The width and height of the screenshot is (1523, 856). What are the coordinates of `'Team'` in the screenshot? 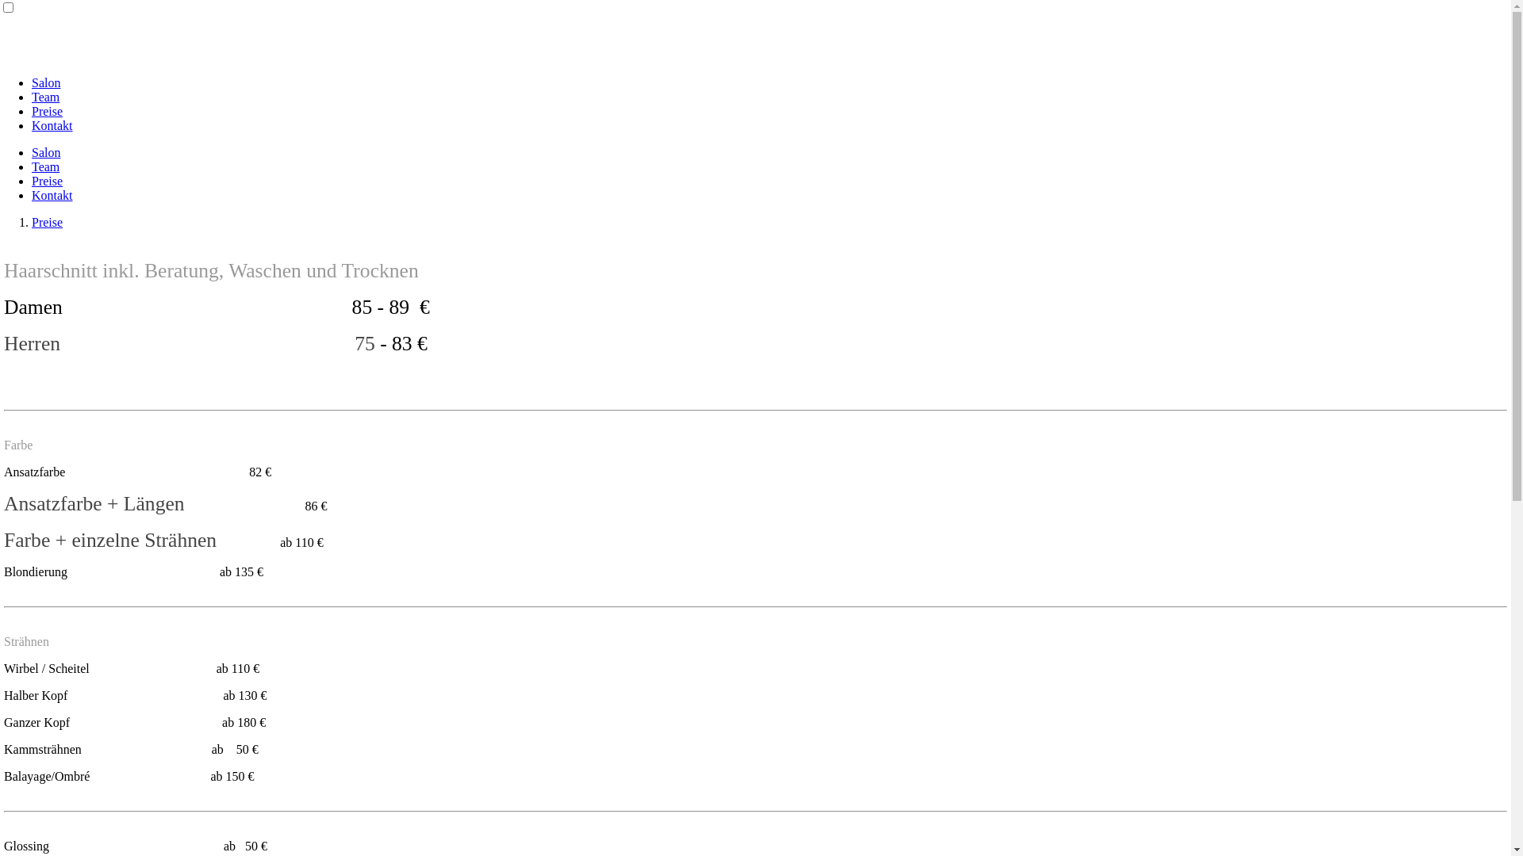 It's located at (45, 166).